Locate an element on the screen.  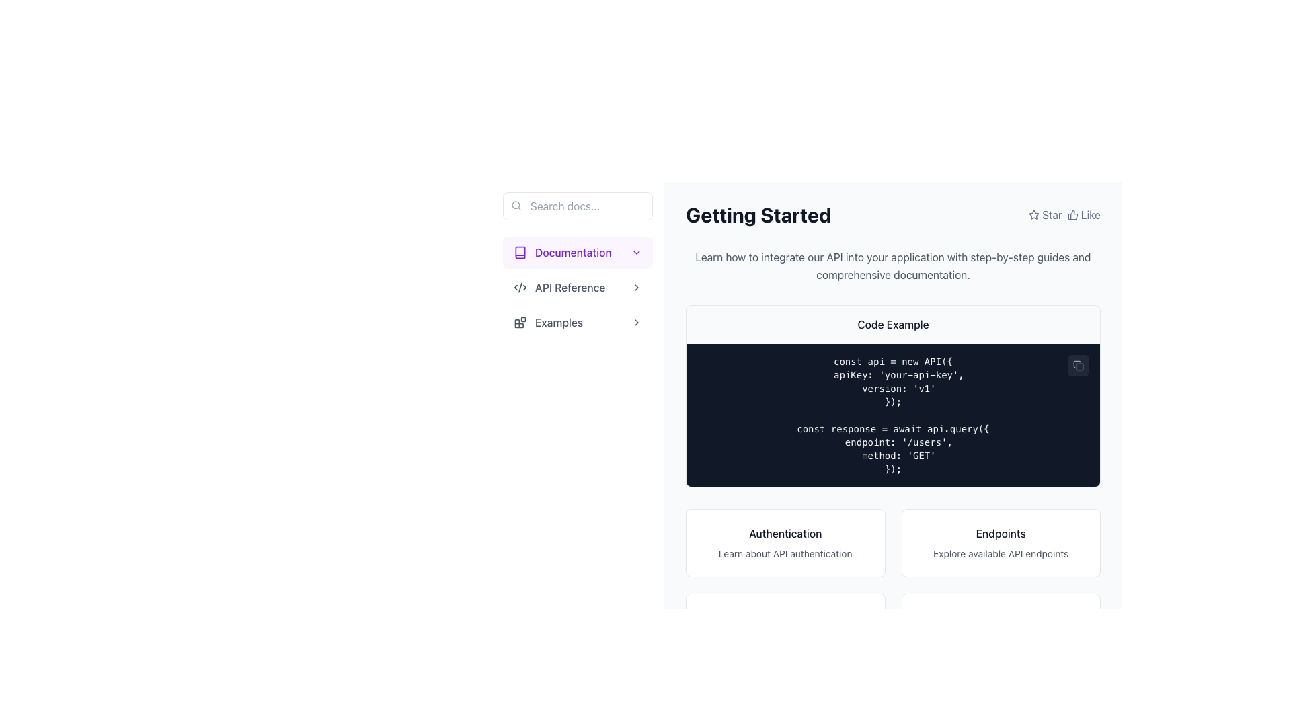
the copy button located in the top-right corner of the code example block to trigger the hover effect is located at coordinates (1078, 365).